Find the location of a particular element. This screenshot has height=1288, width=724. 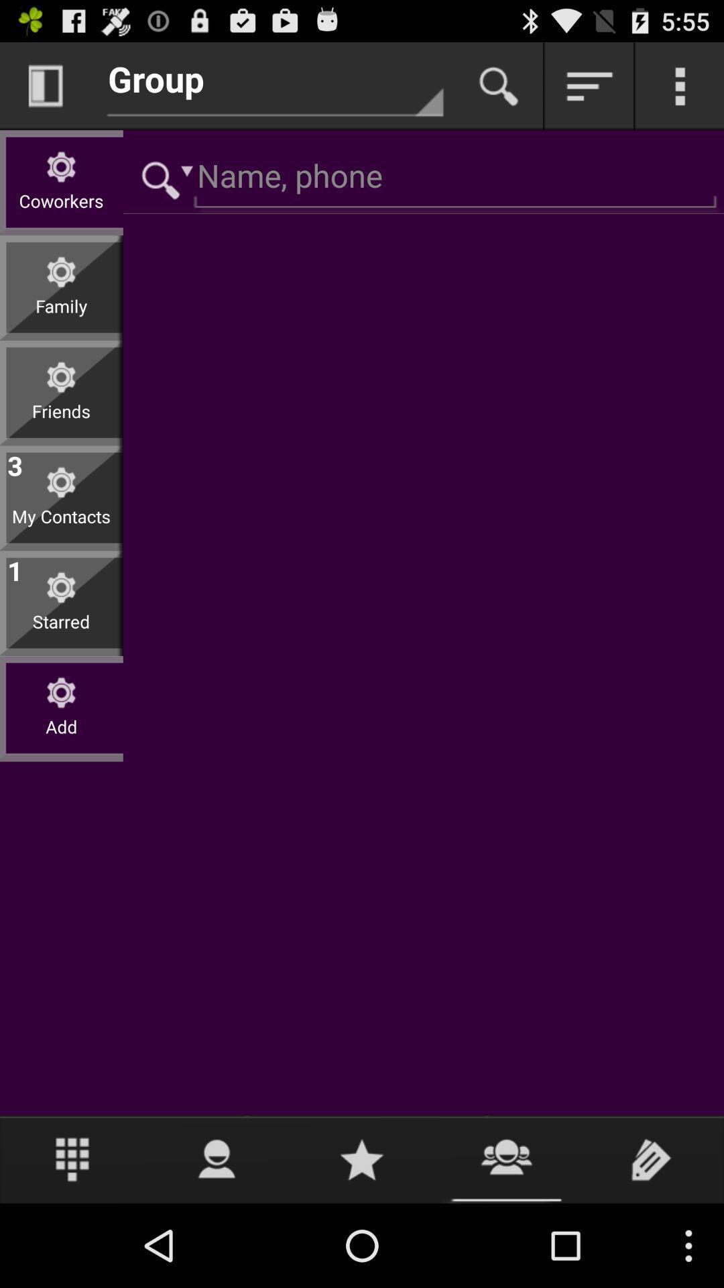

app above starred app is located at coordinates (15, 568).